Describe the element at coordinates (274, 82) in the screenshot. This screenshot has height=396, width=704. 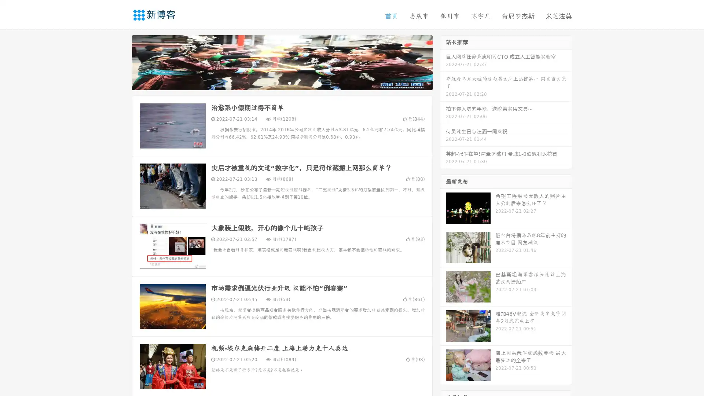
I see `Go to slide 1` at that location.